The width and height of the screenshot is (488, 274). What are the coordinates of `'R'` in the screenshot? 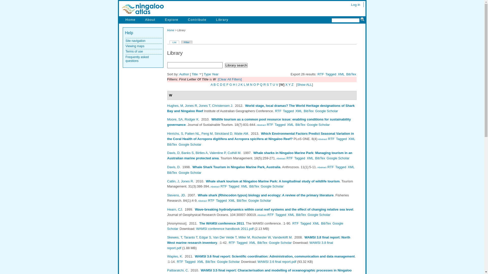 It's located at (264, 84).